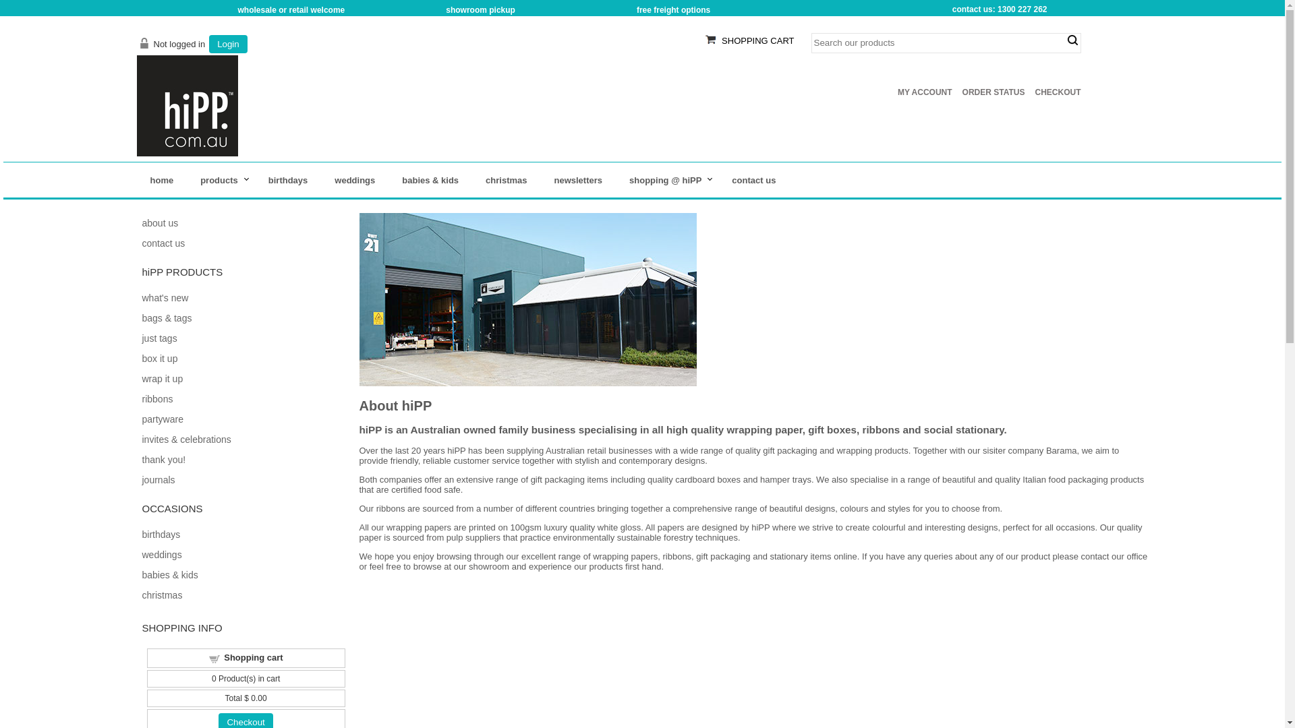 Image resolution: width=1295 pixels, height=728 pixels. What do you see at coordinates (505, 179) in the screenshot?
I see `'christmas'` at bounding box center [505, 179].